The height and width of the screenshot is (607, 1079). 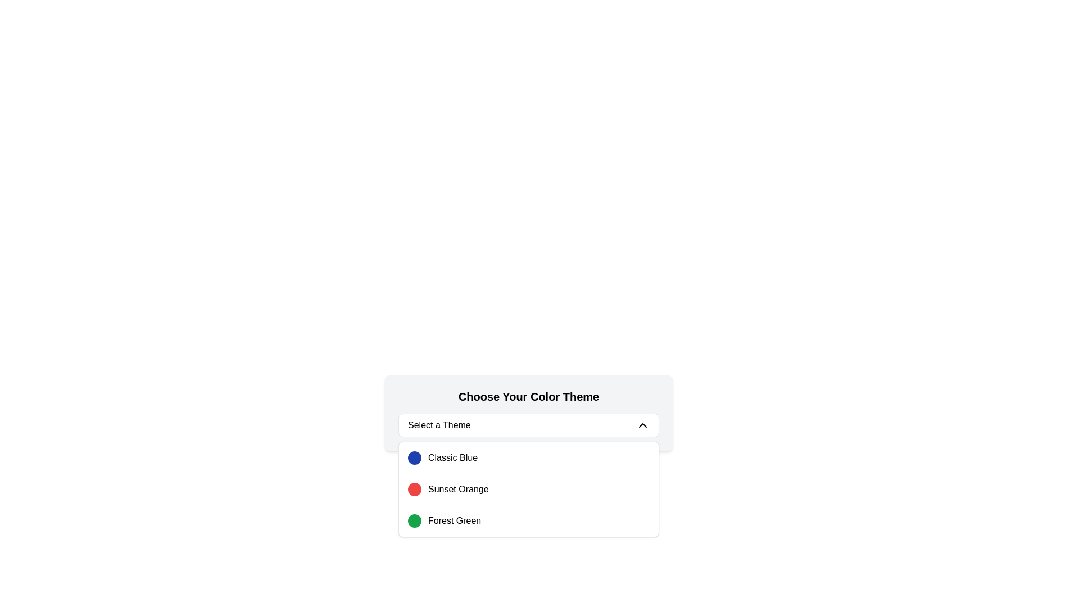 I want to click on to select the 'Forest Green' color option from the dropdown menu, which is the third item in the list, so click(x=528, y=520).